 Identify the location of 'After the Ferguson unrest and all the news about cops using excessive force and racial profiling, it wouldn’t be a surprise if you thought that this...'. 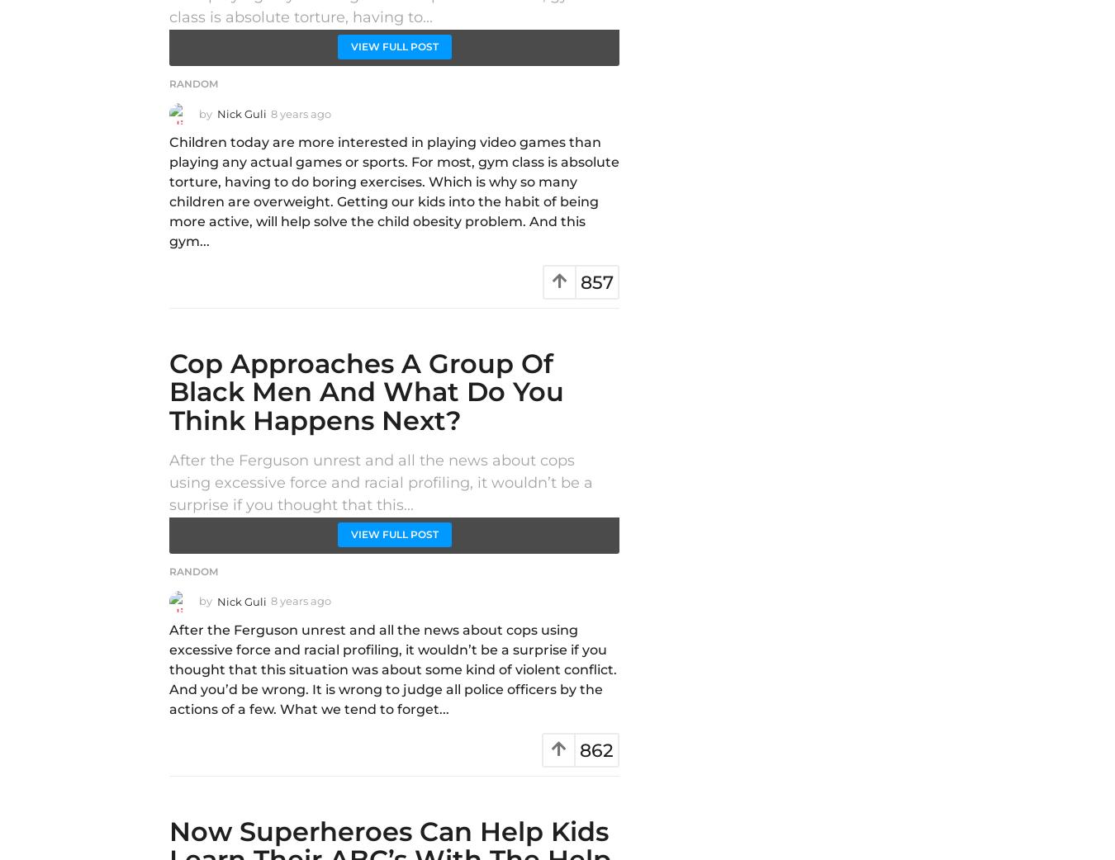
(380, 481).